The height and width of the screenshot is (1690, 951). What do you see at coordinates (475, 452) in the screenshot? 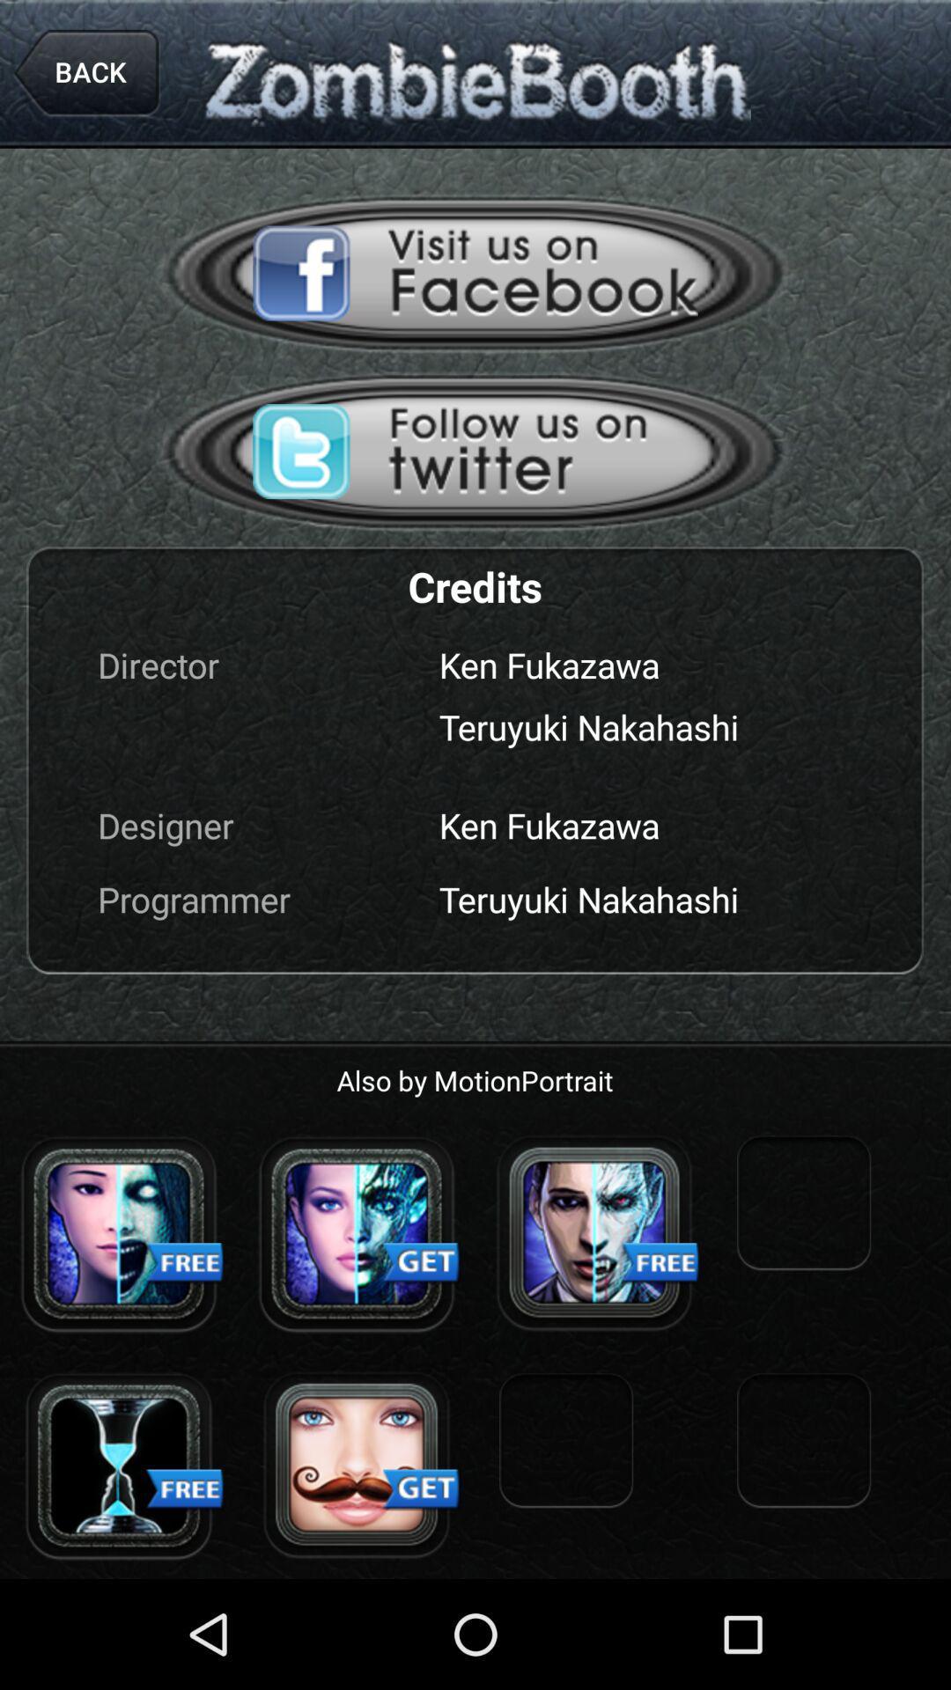
I see `hit the follow us on twitter button` at bounding box center [475, 452].